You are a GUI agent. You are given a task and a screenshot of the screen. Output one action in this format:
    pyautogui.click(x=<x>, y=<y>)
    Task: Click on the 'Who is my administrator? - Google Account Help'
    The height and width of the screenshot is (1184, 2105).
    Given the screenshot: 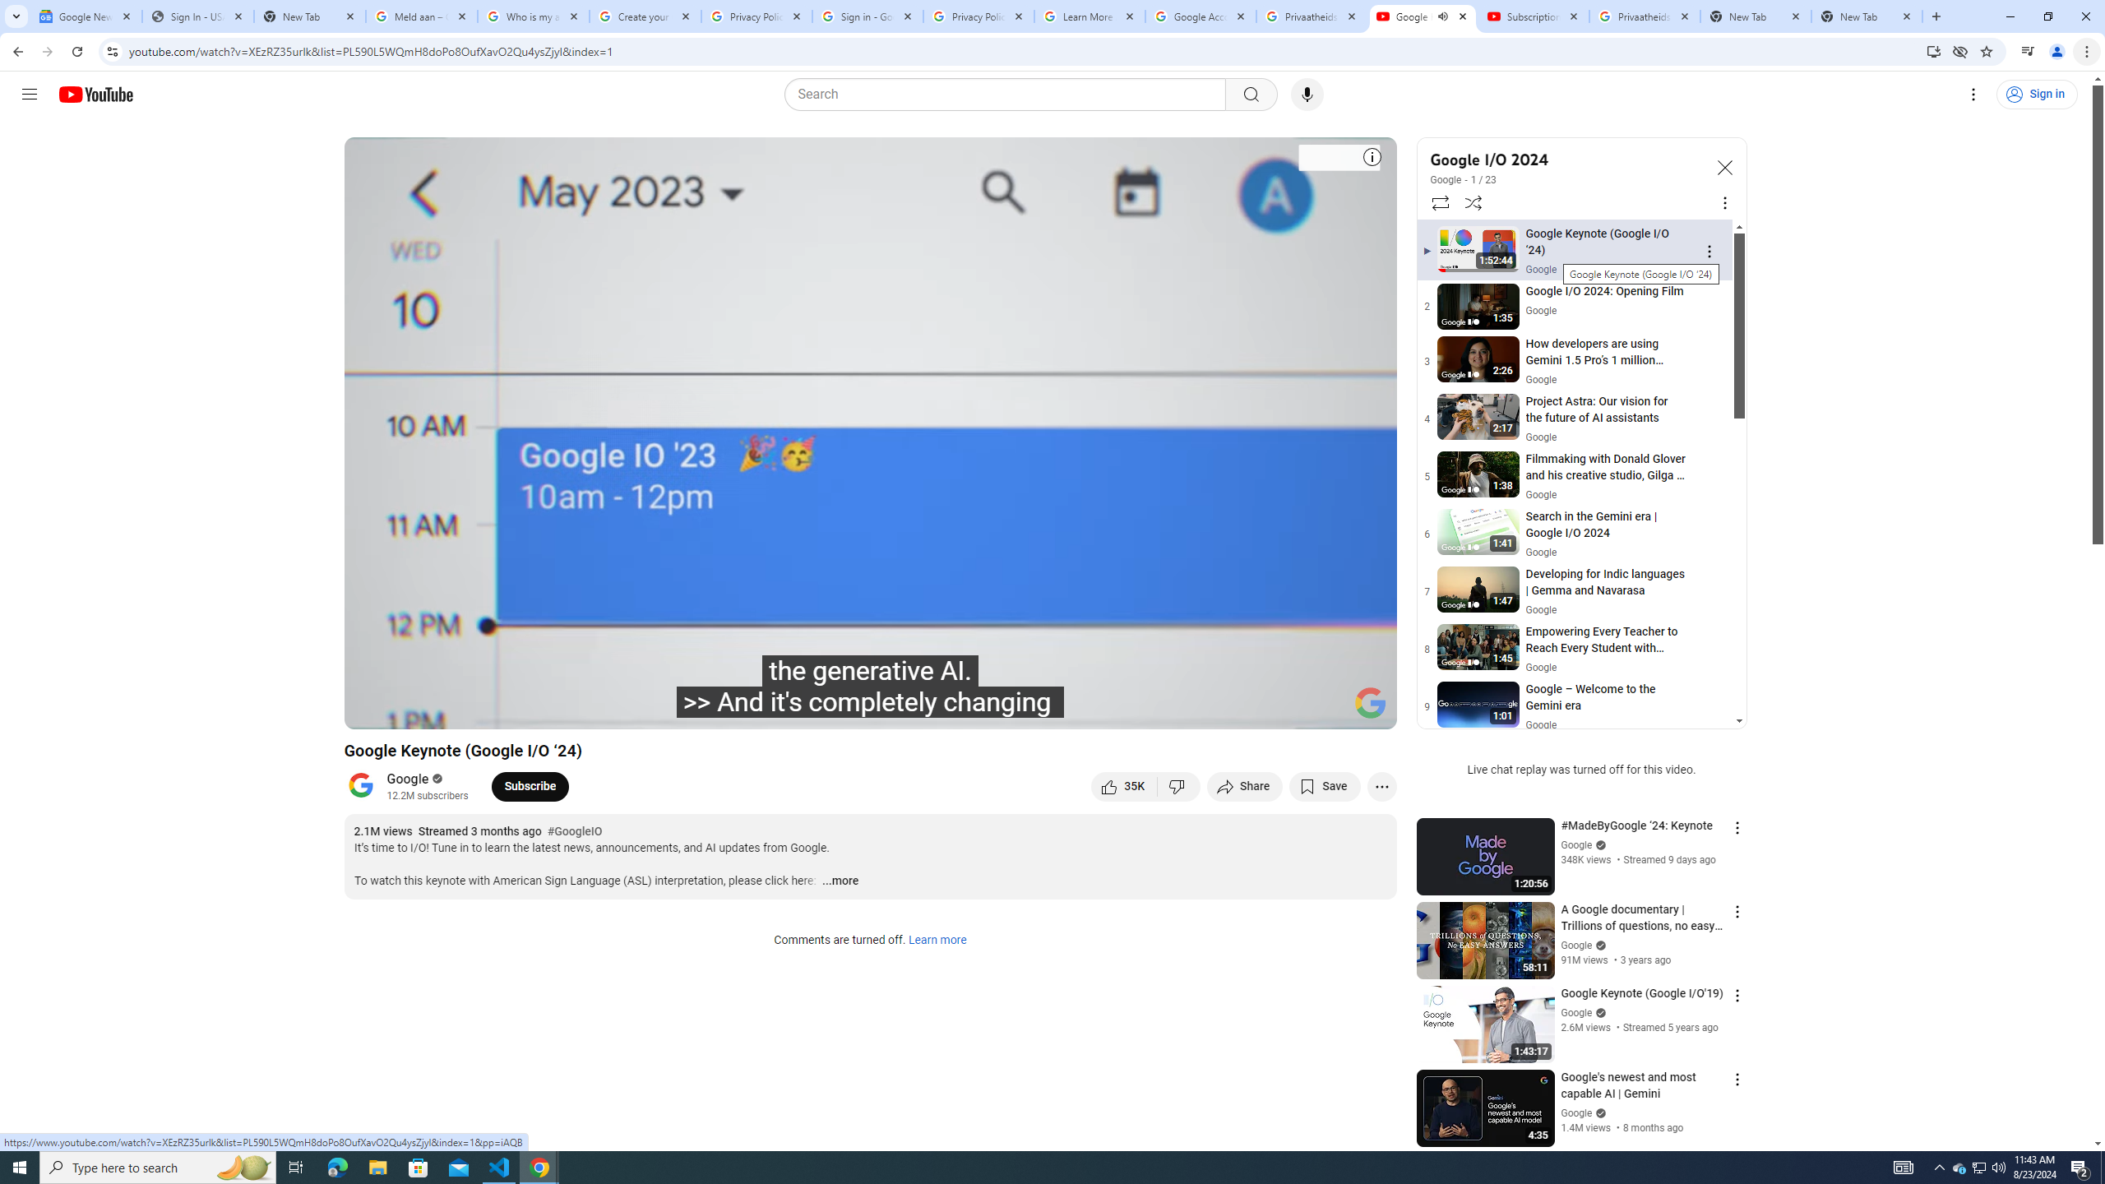 What is the action you would take?
    pyautogui.click(x=533, y=16)
    